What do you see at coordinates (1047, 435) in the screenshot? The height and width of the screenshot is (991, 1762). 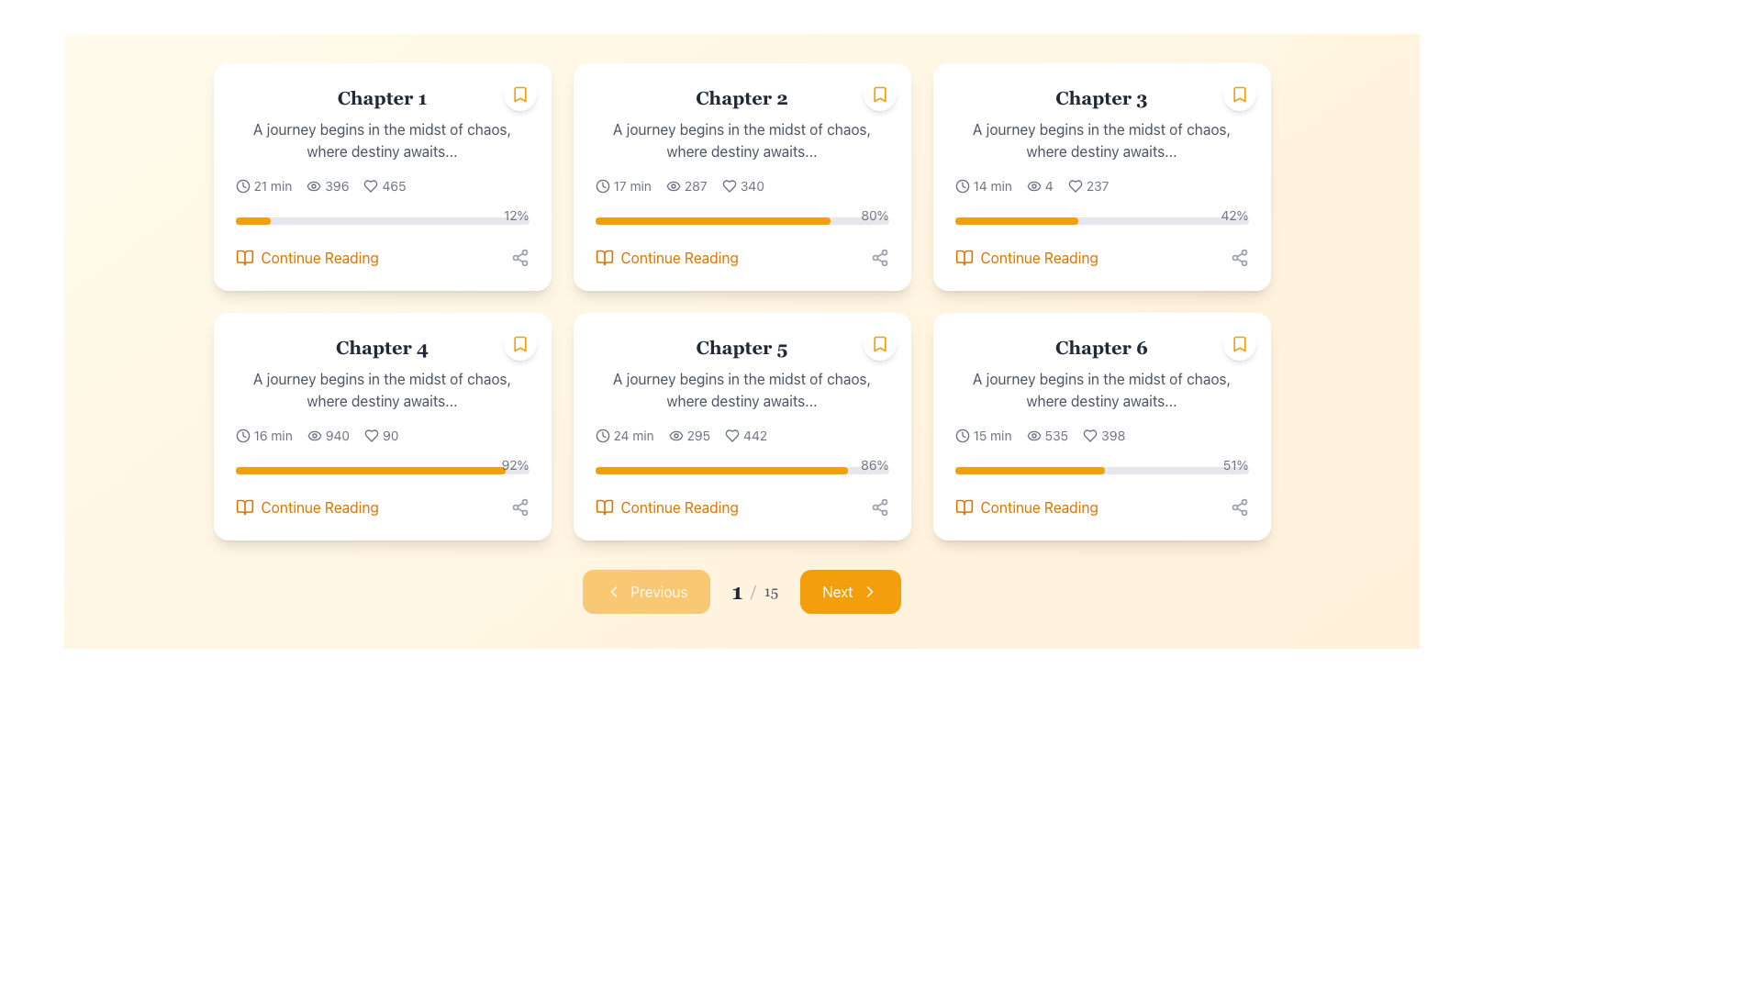 I see `the static text element displaying the numeric value '535' next to the eye-shaped icon in the statistics section for Chapter 6` at bounding box center [1047, 435].